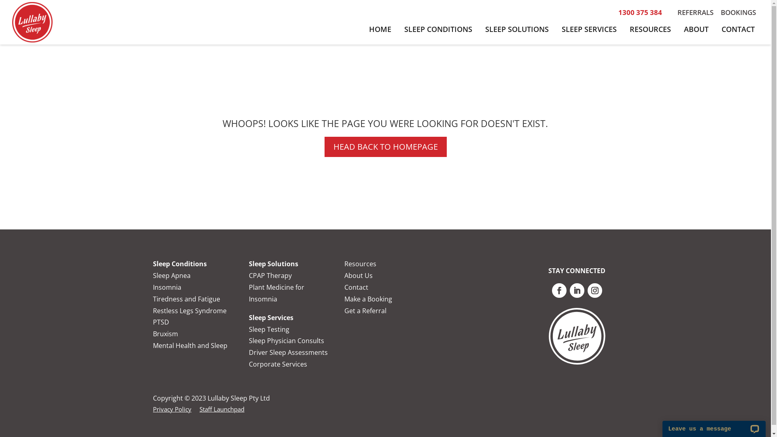  I want to click on 'HOME', so click(380, 29).